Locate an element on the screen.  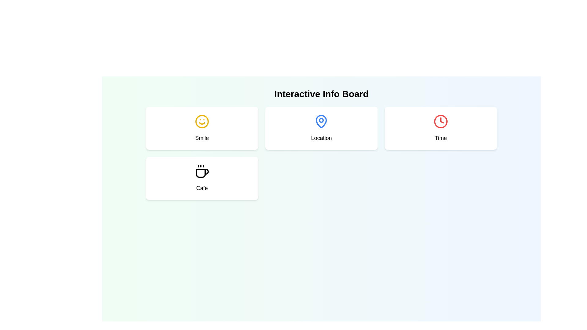
the graphical map pin icon located in the 'Location' card, which is the second card from the left in the top row of the interface layout is located at coordinates (321, 121).